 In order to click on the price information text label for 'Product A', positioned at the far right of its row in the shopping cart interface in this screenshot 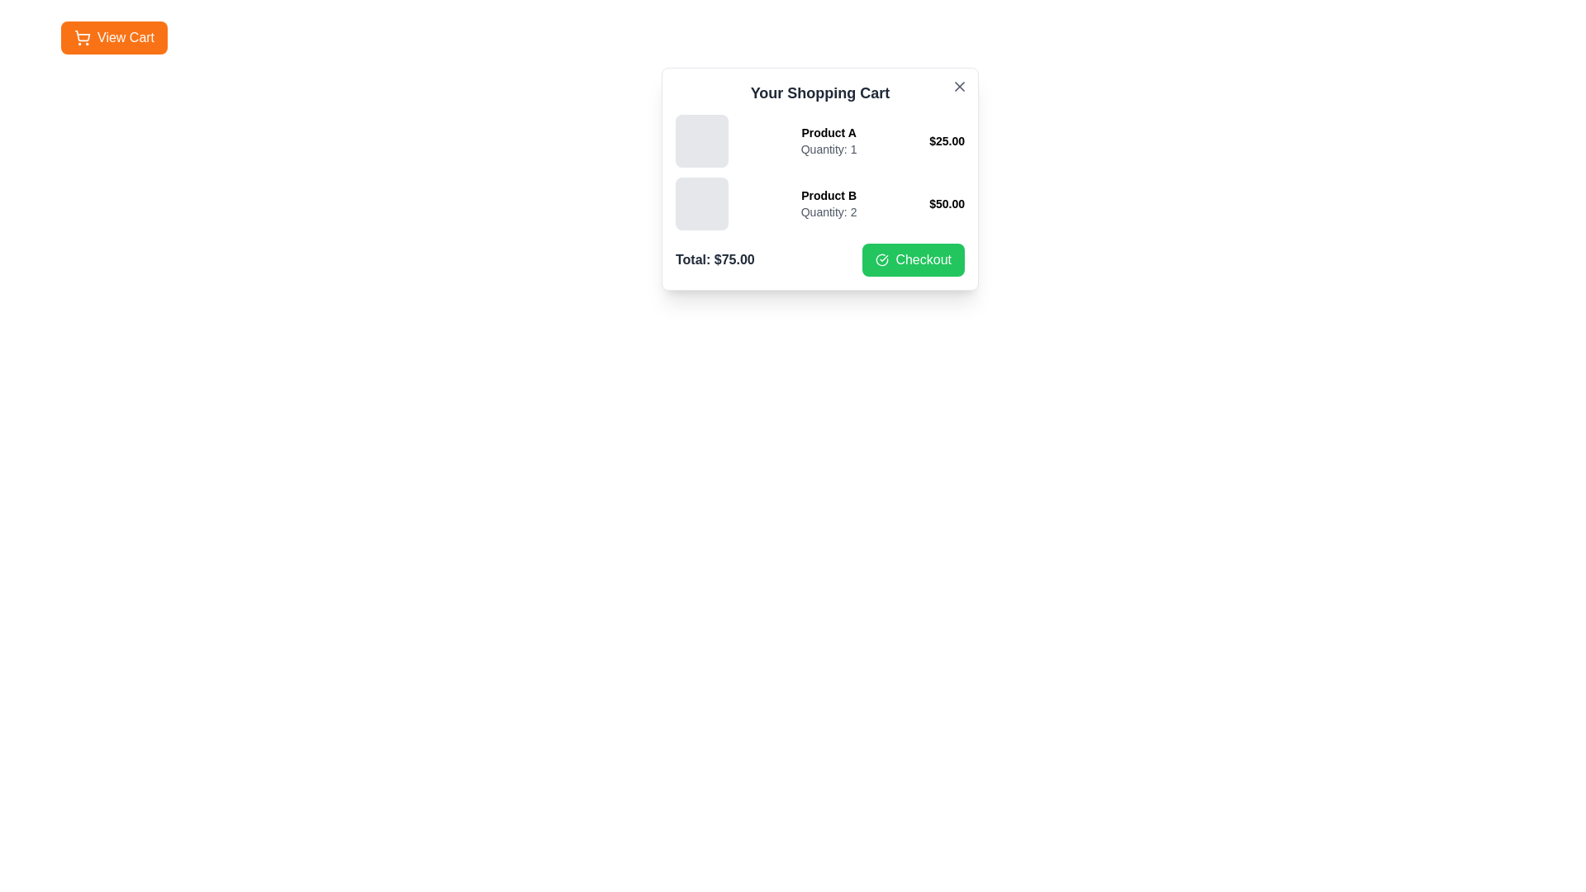, I will do `click(947, 140)`.